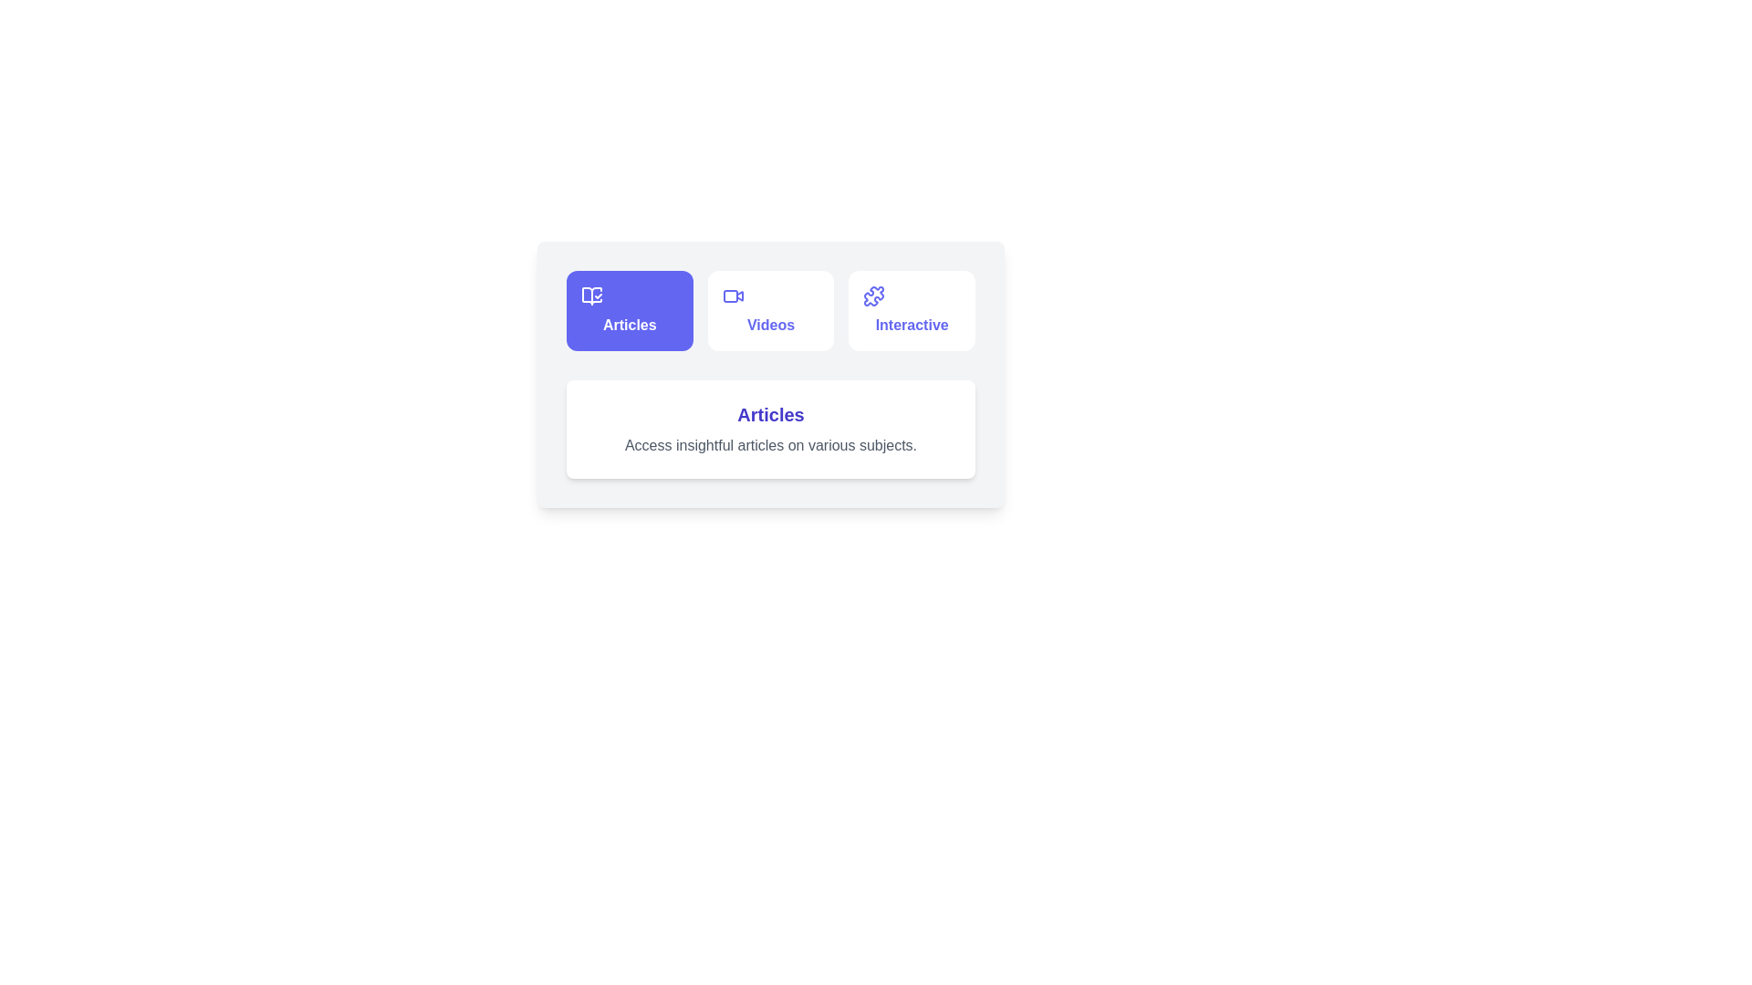 The width and height of the screenshot is (1752, 985). What do you see at coordinates (630, 309) in the screenshot?
I see `the Articles tab to view its content` at bounding box center [630, 309].